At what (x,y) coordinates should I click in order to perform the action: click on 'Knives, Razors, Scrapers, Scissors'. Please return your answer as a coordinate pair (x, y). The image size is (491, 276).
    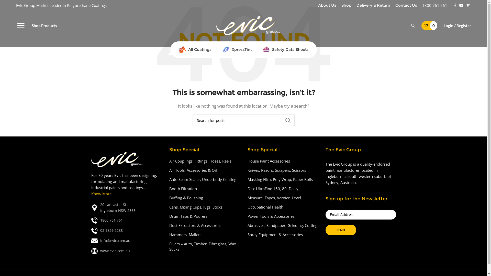
    Looking at the image, I should click on (277, 170).